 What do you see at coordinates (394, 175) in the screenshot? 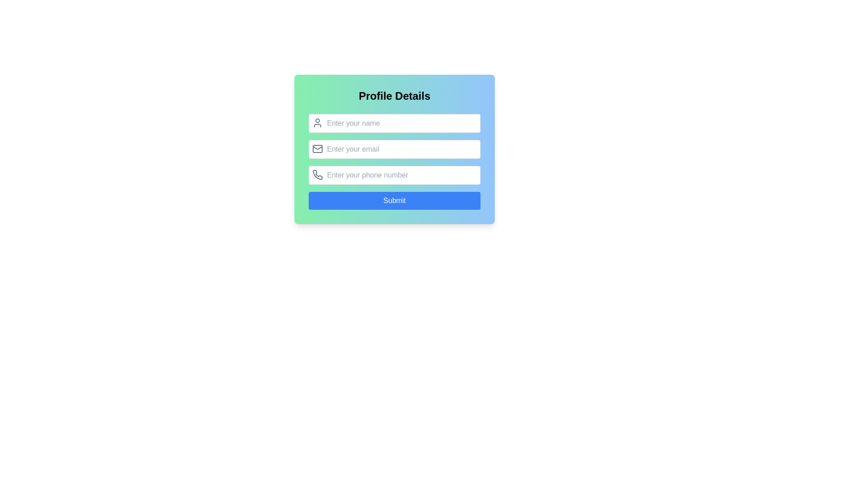
I see `the phone number input field` at bounding box center [394, 175].